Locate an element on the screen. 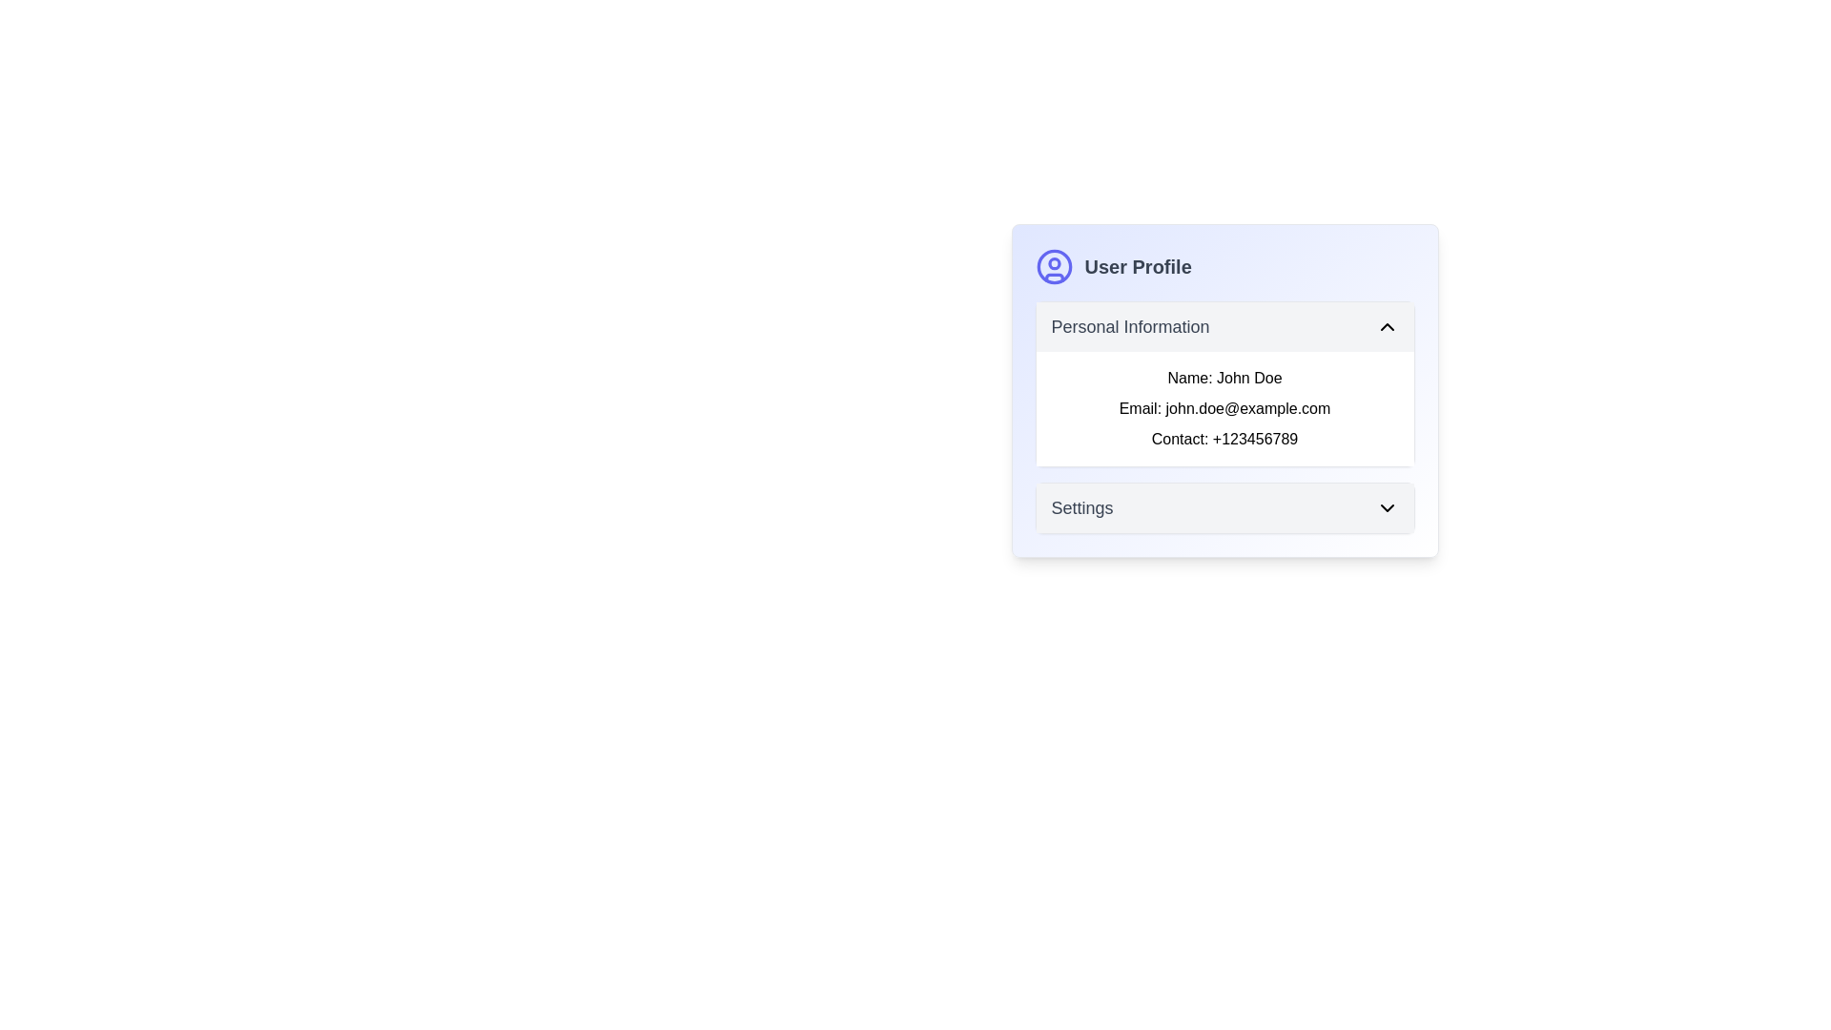  the downward-pointing chevron toggle icon located at the top right corner of the 'Personal Information' section to visually highlight it is located at coordinates (1387, 326).